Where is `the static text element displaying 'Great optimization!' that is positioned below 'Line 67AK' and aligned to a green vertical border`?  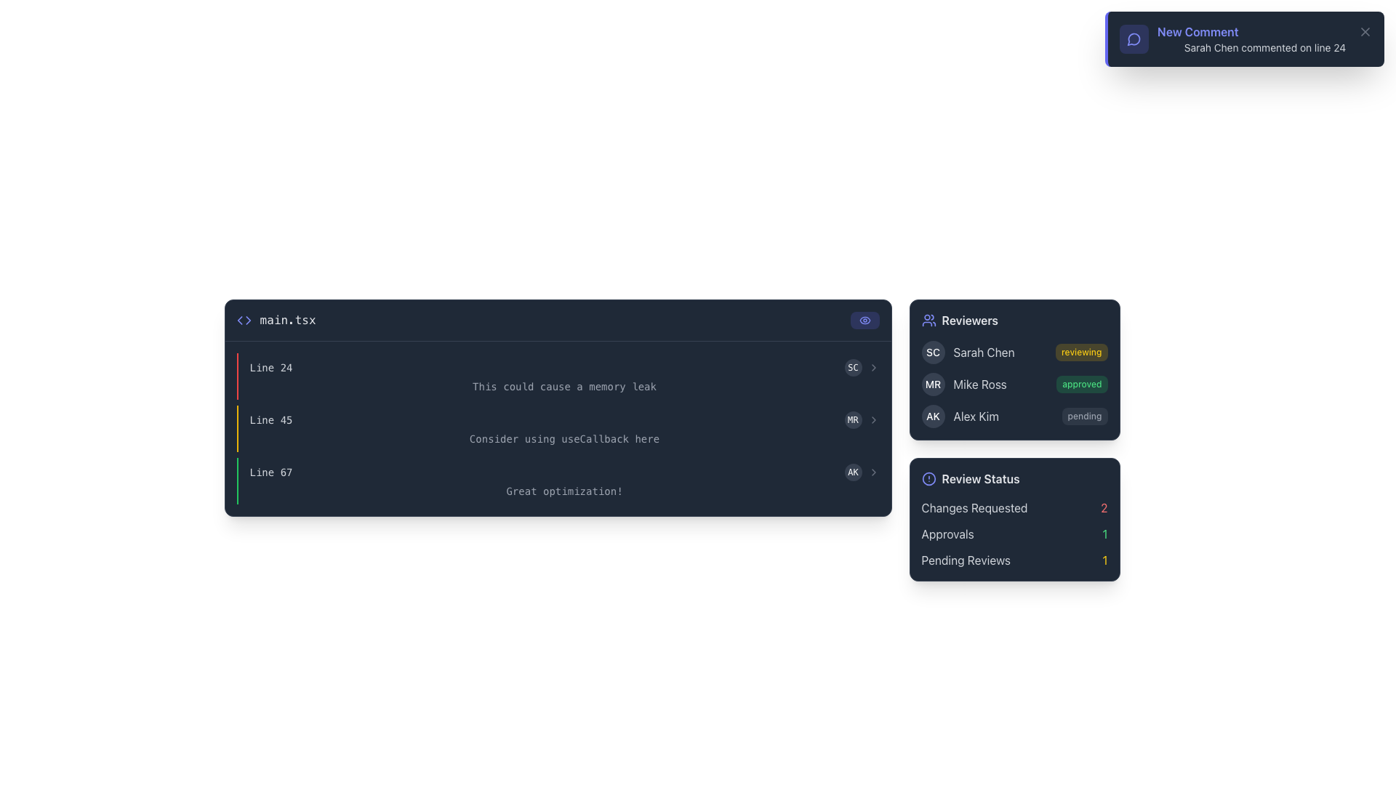 the static text element displaying 'Great optimization!' that is positioned below 'Line 67AK' and aligned to a green vertical border is located at coordinates (563, 491).